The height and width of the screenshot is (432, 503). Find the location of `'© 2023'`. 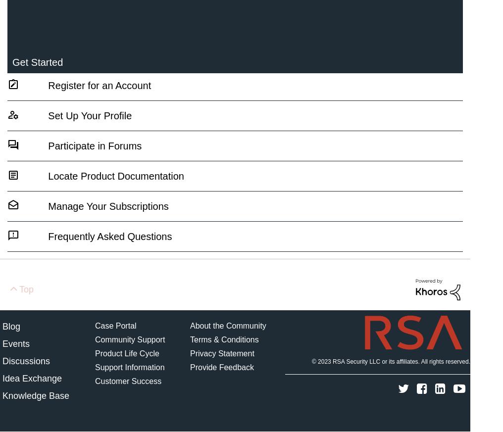

'© 2023' is located at coordinates (311, 361).